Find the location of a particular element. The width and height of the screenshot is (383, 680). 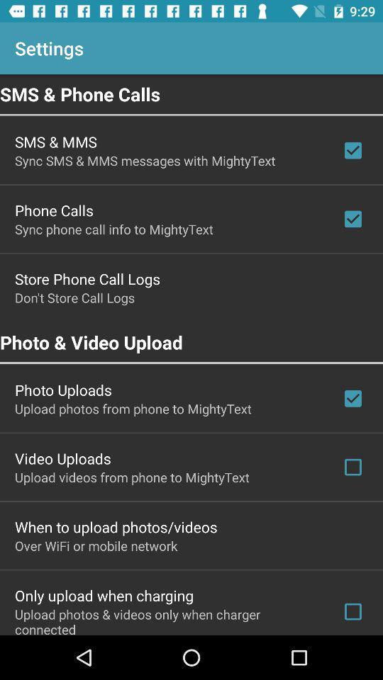

icon above photo & video upload is located at coordinates (74, 297).